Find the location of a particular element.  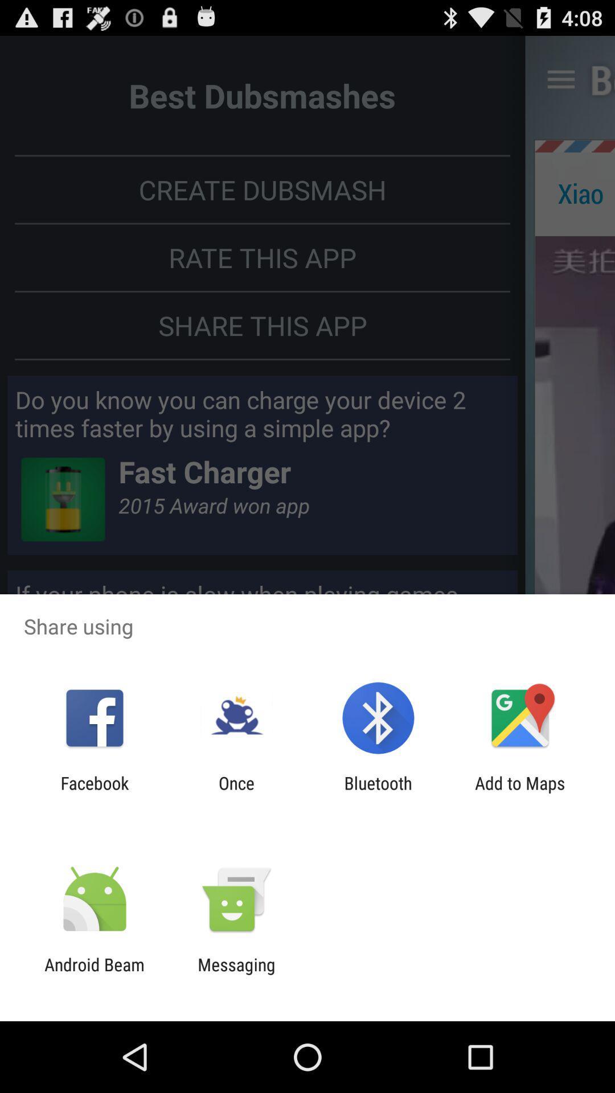

the messaging icon is located at coordinates (236, 974).